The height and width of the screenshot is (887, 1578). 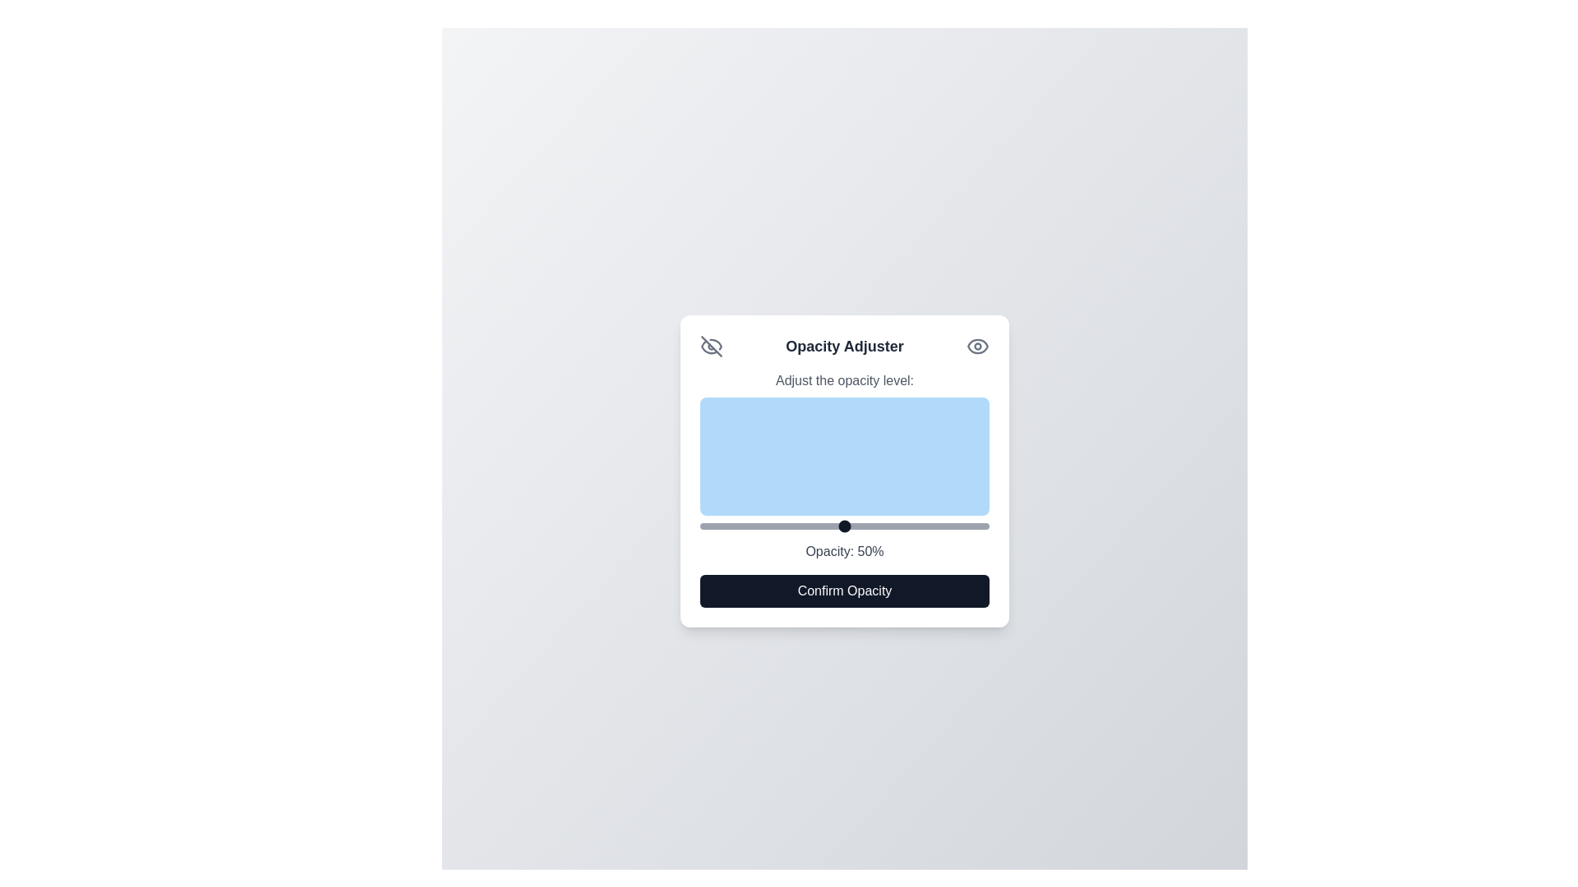 What do you see at coordinates (934, 526) in the screenshot?
I see `the opacity slider to 81%` at bounding box center [934, 526].